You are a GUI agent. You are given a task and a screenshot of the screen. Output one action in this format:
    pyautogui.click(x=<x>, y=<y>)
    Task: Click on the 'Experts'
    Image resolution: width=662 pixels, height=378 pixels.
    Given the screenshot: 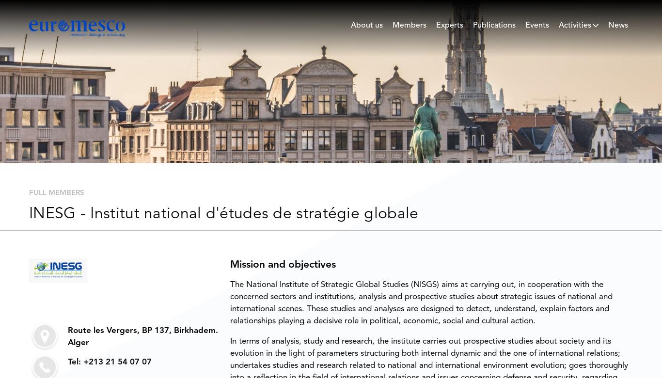 What is the action you would take?
    pyautogui.click(x=436, y=25)
    